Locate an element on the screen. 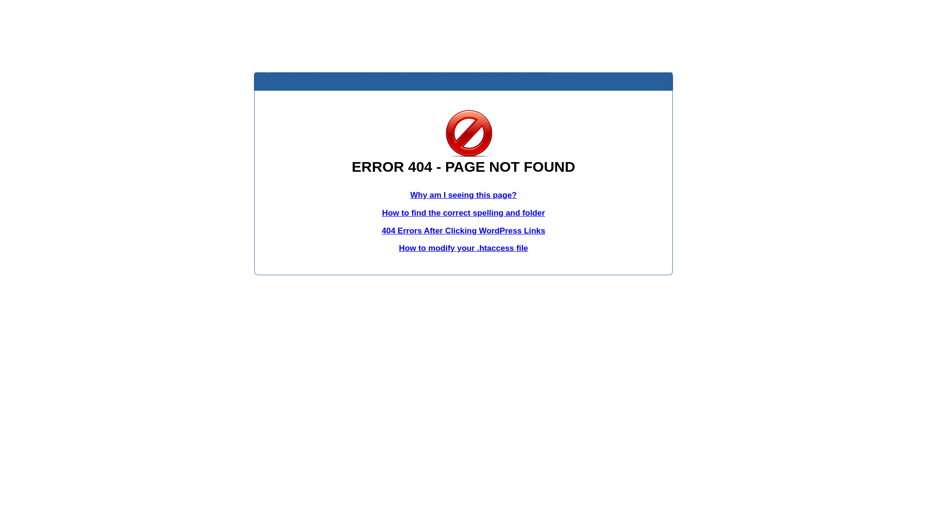  'How to modify your .htaccess file' is located at coordinates (463, 247).